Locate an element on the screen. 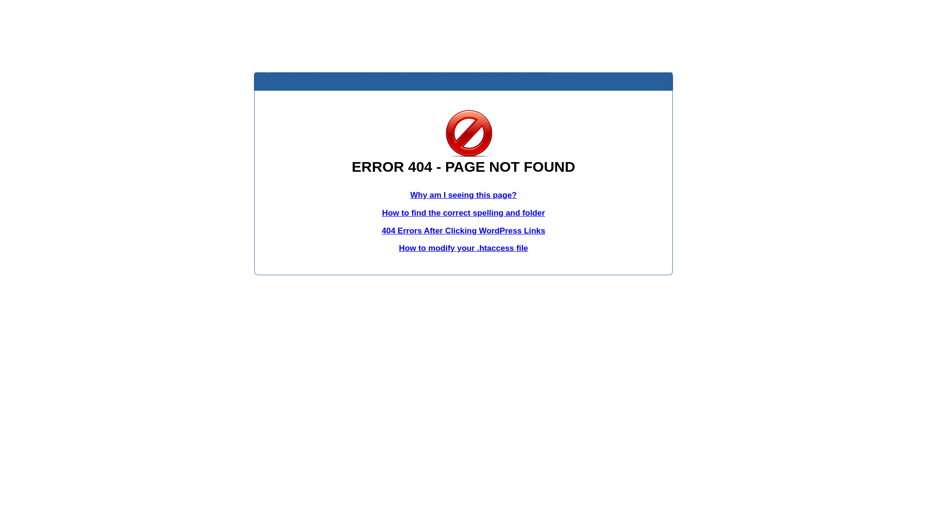  'How to modify your .htaccess file' is located at coordinates (463, 247).